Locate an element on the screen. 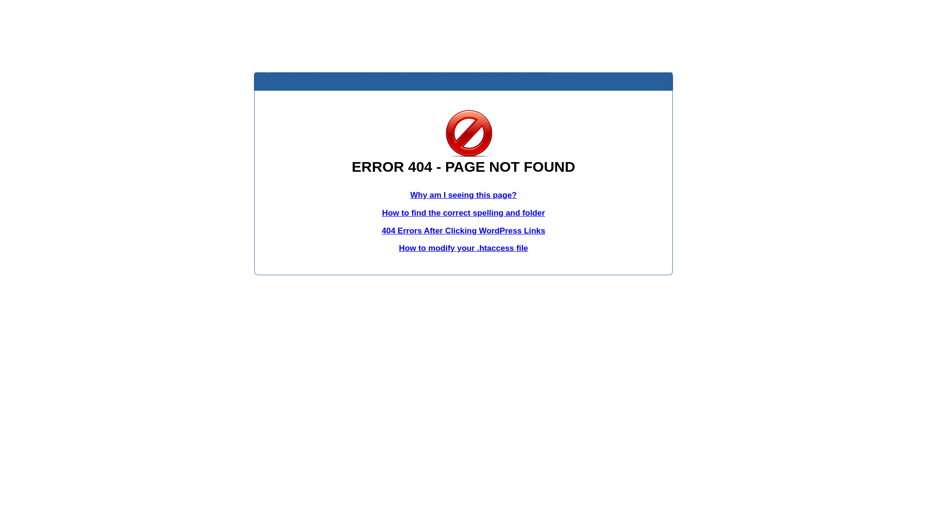  'How to modify your .htaccess file' is located at coordinates (463, 247).